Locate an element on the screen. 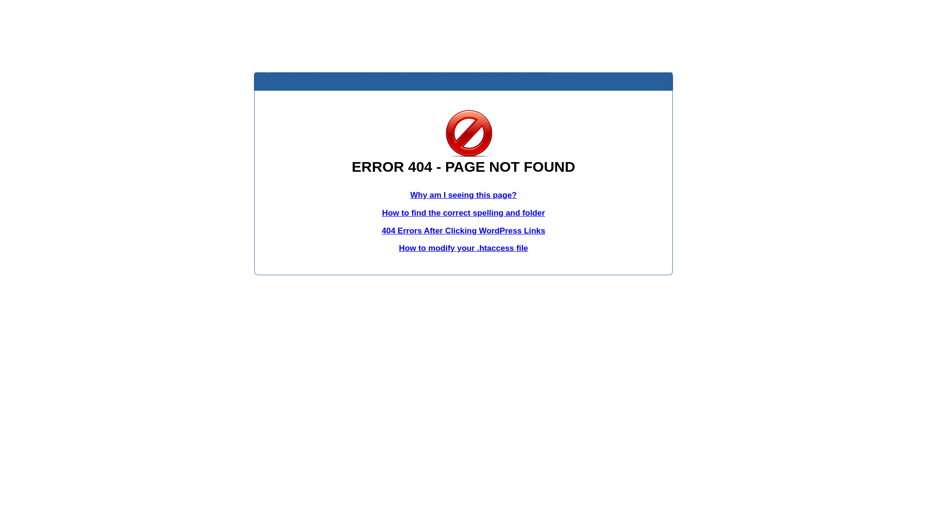  'How to modify your .htaccess file' is located at coordinates (463, 247).